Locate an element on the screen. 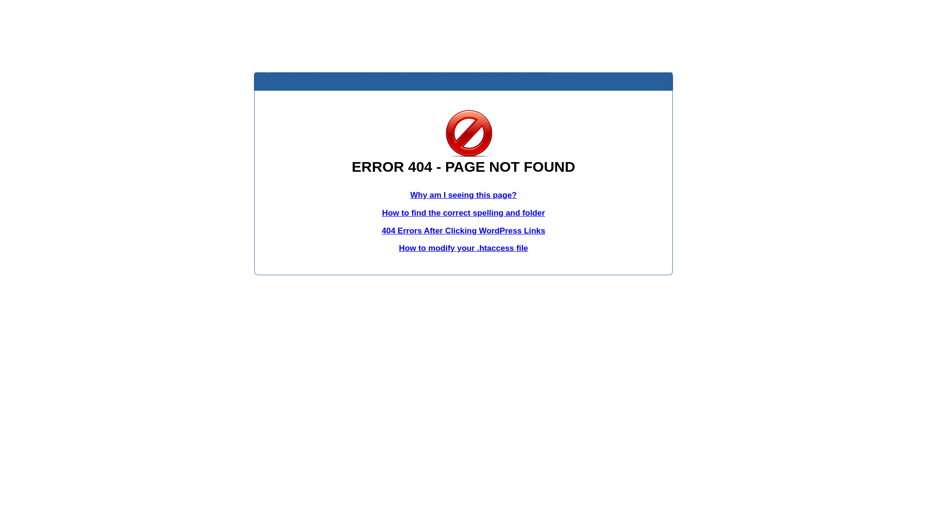  'How to modify your .htaccess file' is located at coordinates (463, 247).